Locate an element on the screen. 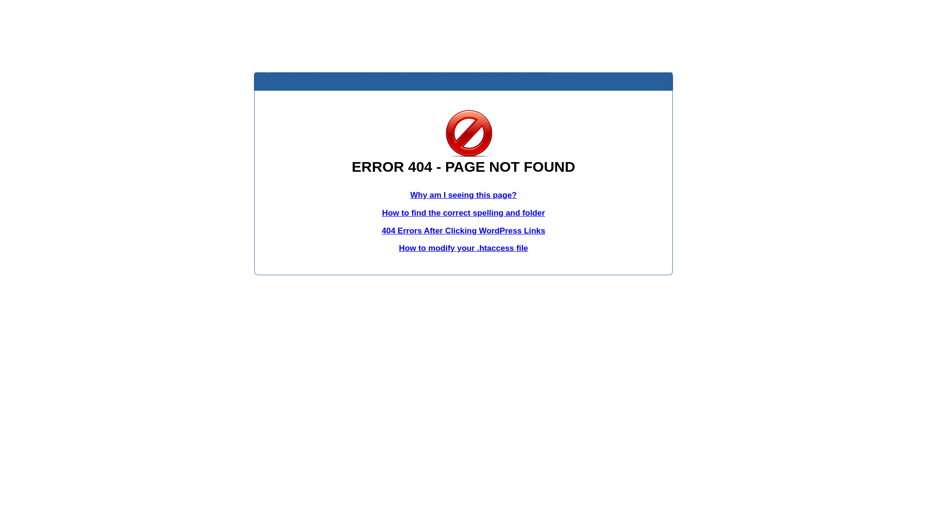  'How to modify your .htaccess file' is located at coordinates (463, 247).